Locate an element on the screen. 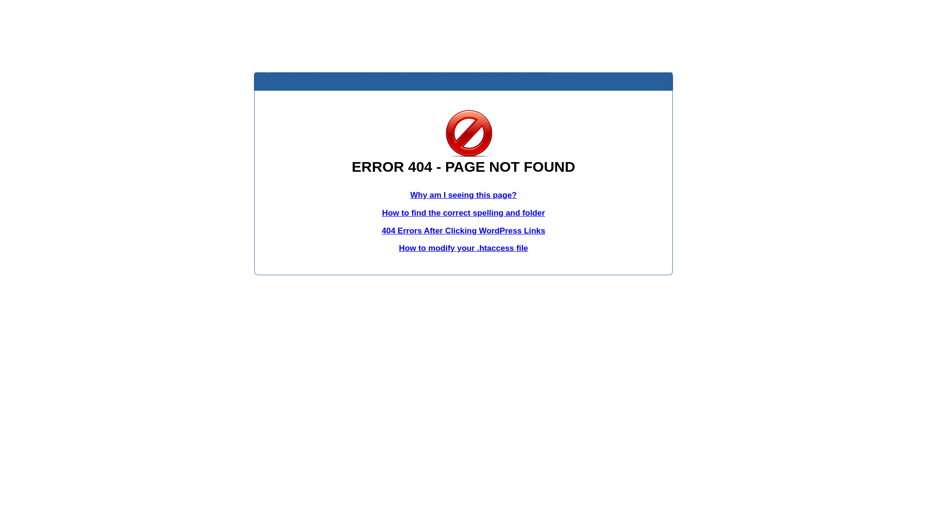  'How to modify your .htaccess file' is located at coordinates (463, 247).